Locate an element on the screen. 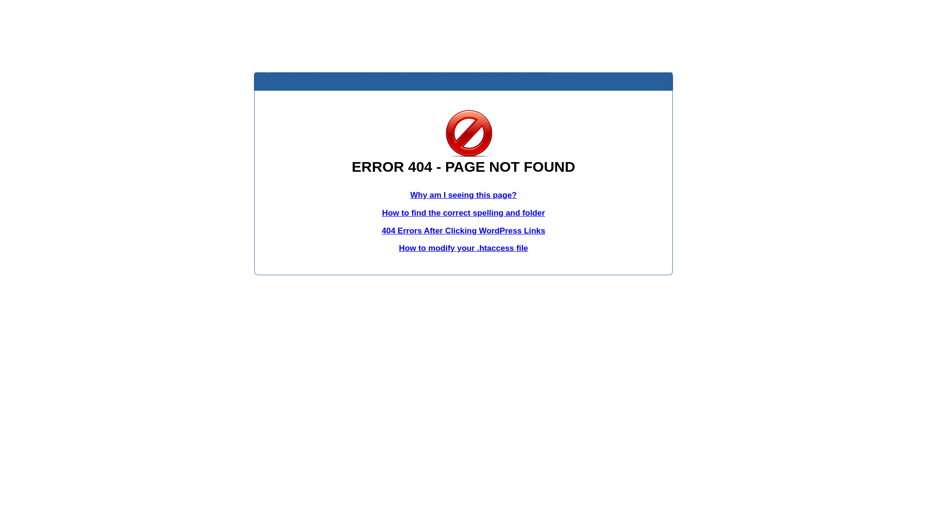  'How to modify your .htaccess file' is located at coordinates (463, 247).